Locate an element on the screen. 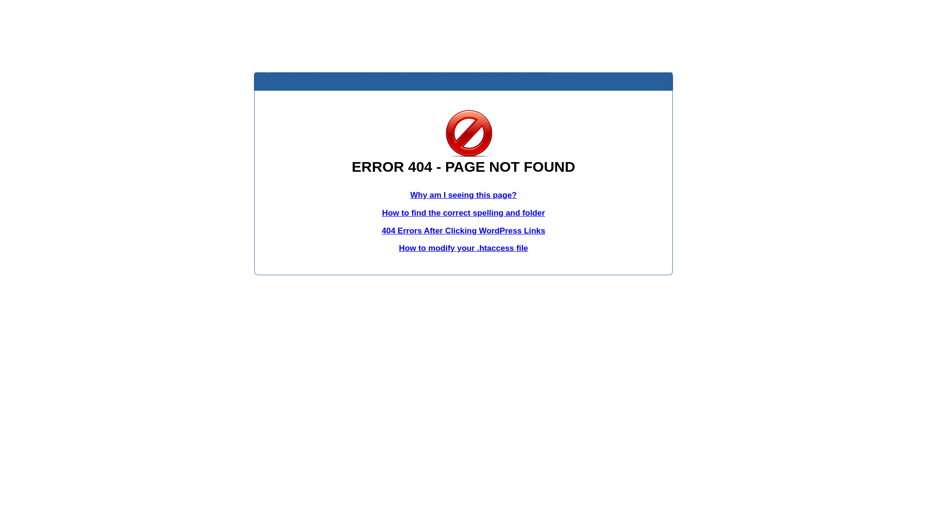  'How to modify your .htaccess file' is located at coordinates (463, 247).